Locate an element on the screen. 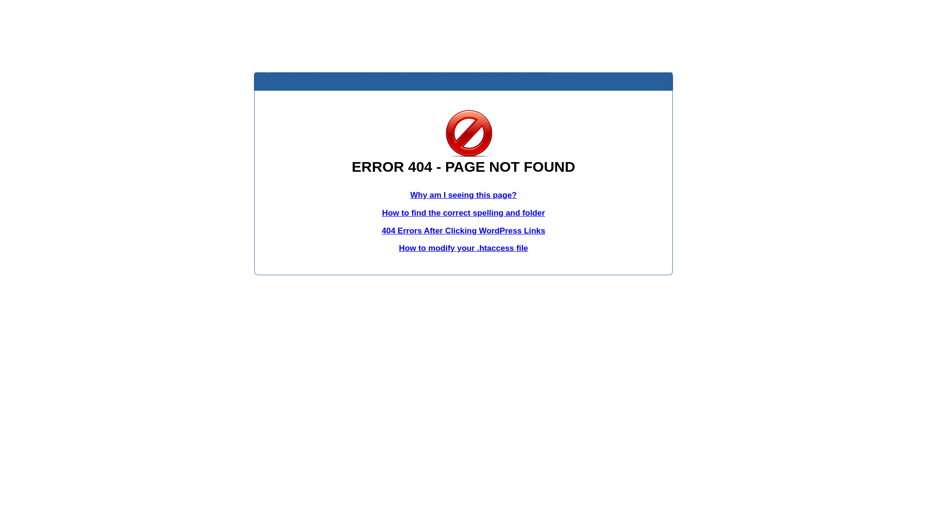  'How to modify your .htaccess file' is located at coordinates (463, 247).